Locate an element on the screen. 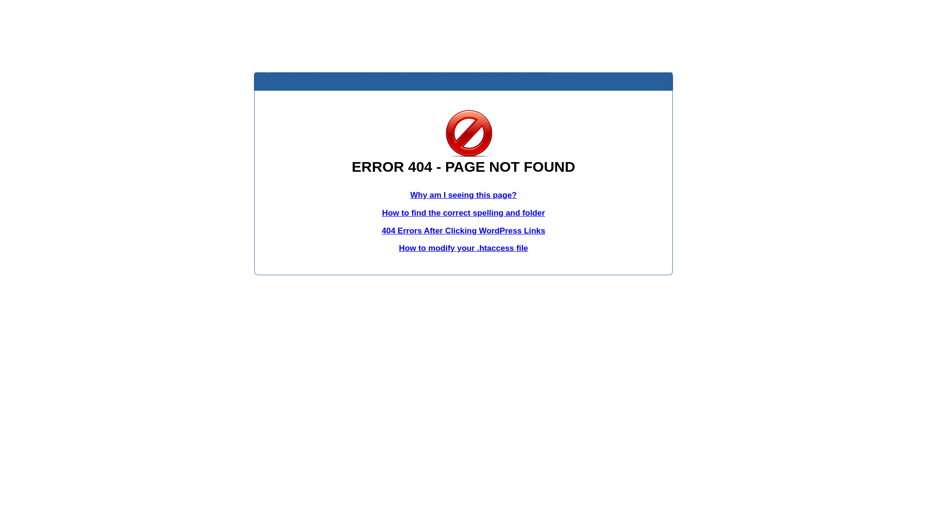  'How to modify your .htaccess file' is located at coordinates (463, 247).